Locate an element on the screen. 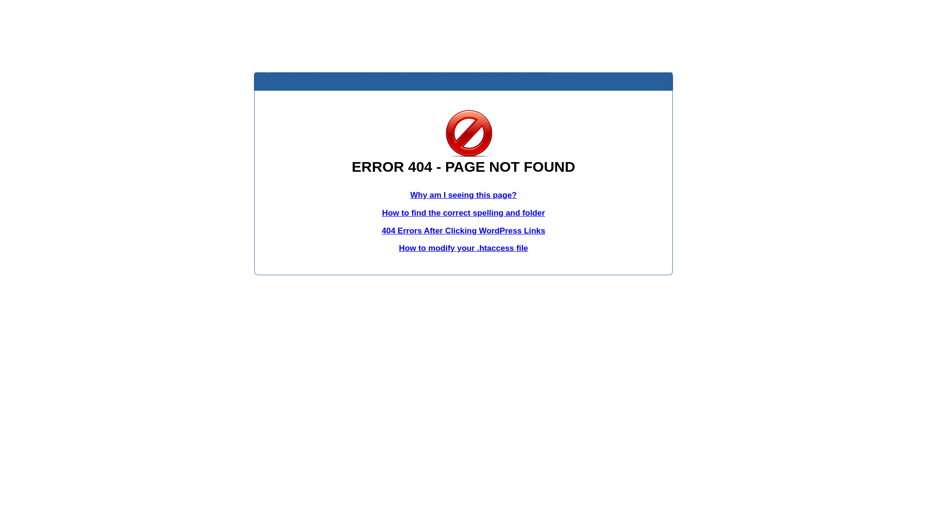  'How to modify your .htaccess file' is located at coordinates (463, 247).